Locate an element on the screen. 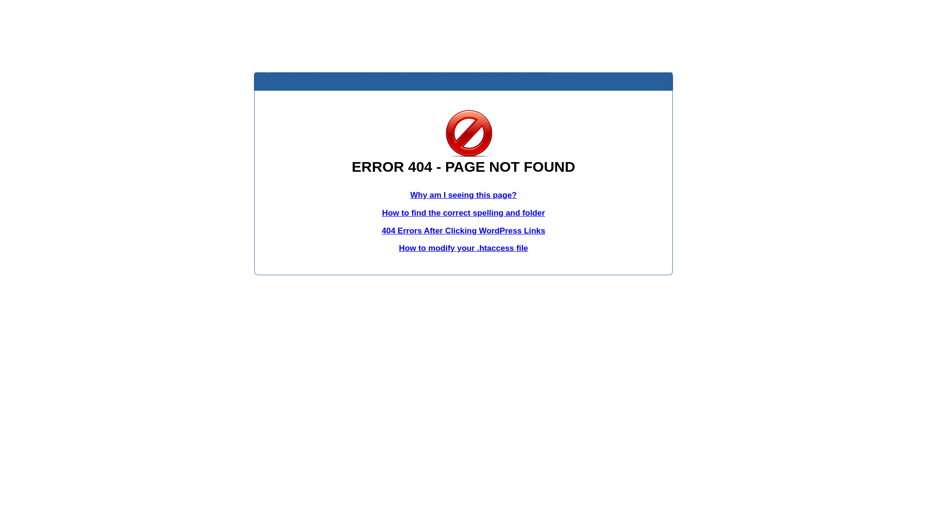  'How to modify your .htaccess file' is located at coordinates (463, 247).